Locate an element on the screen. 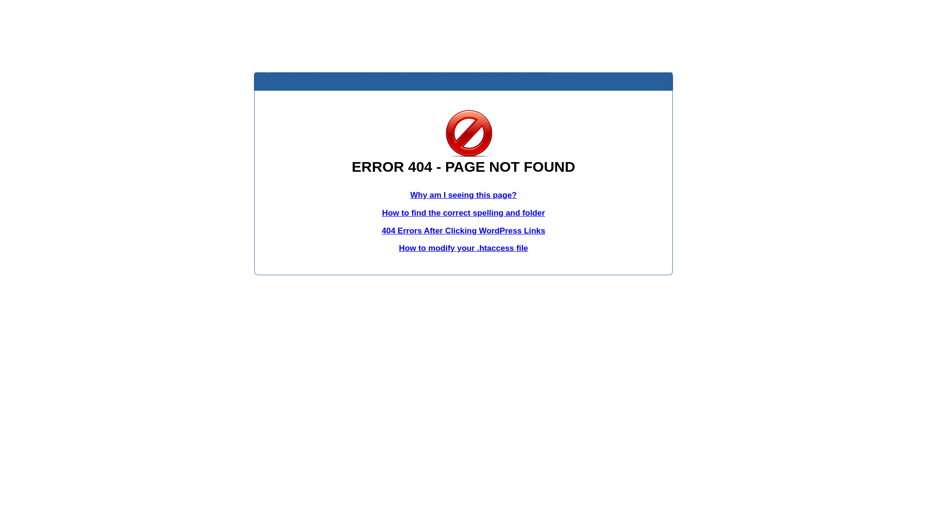  'How to modify your .htaccess file' is located at coordinates (463, 247).